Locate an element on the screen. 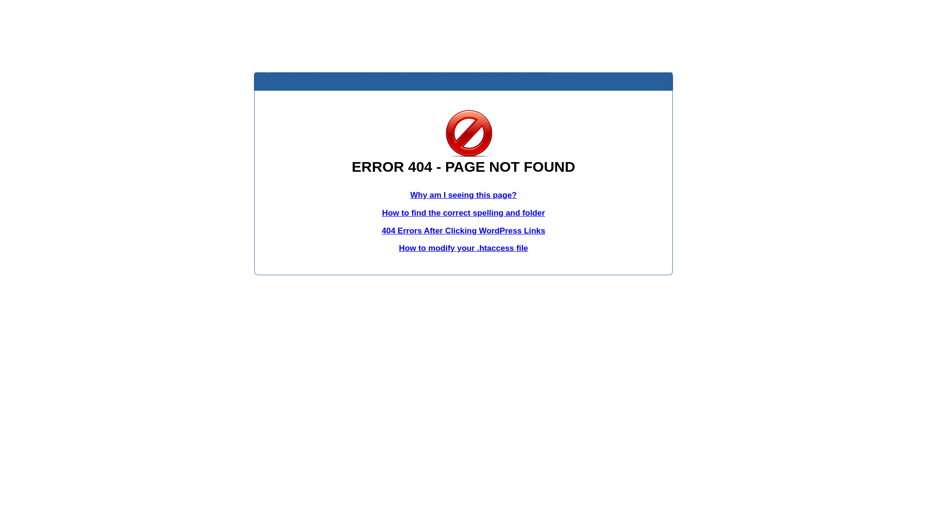  'How to modify your .htaccess file' is located at coordinates (463, 247).